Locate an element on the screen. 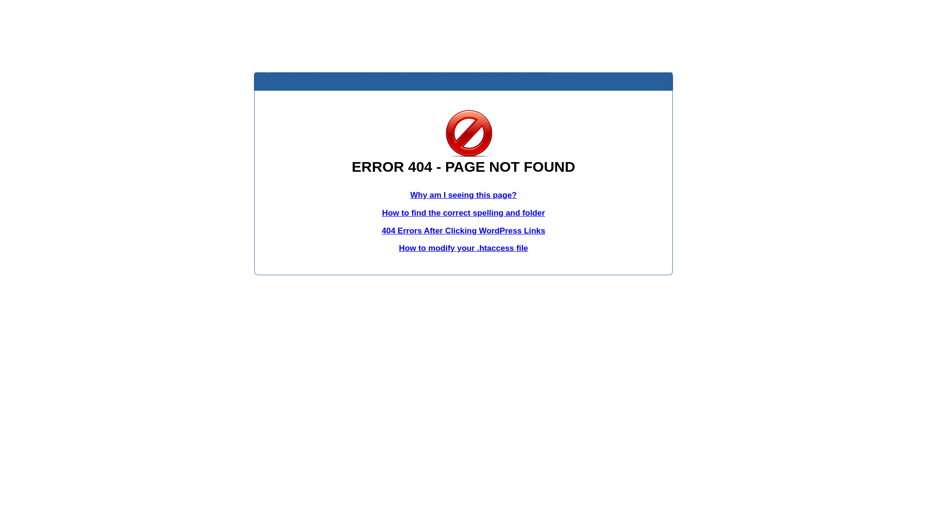  'How to modify your .htaccess file' is located at coordinates (463, 247).